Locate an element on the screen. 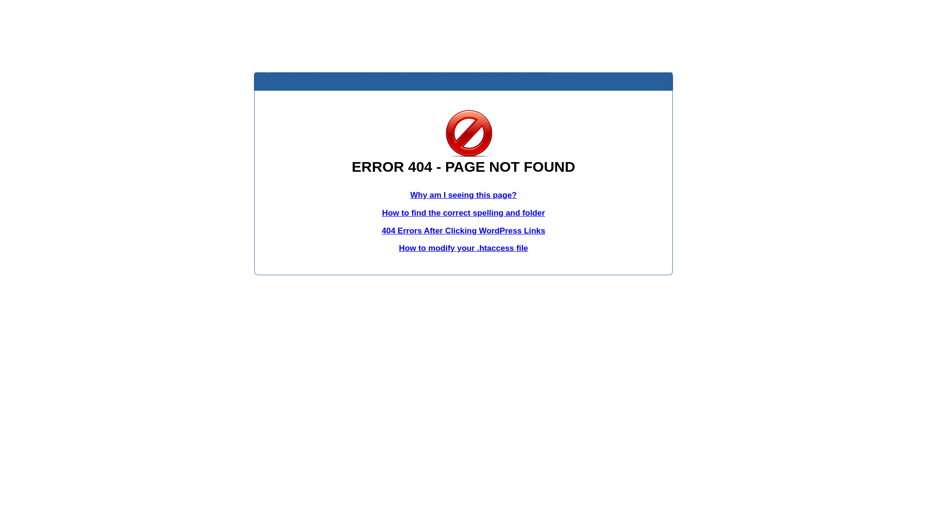  'How to modify your .htaccess file' is located at coordinates (463, 247).